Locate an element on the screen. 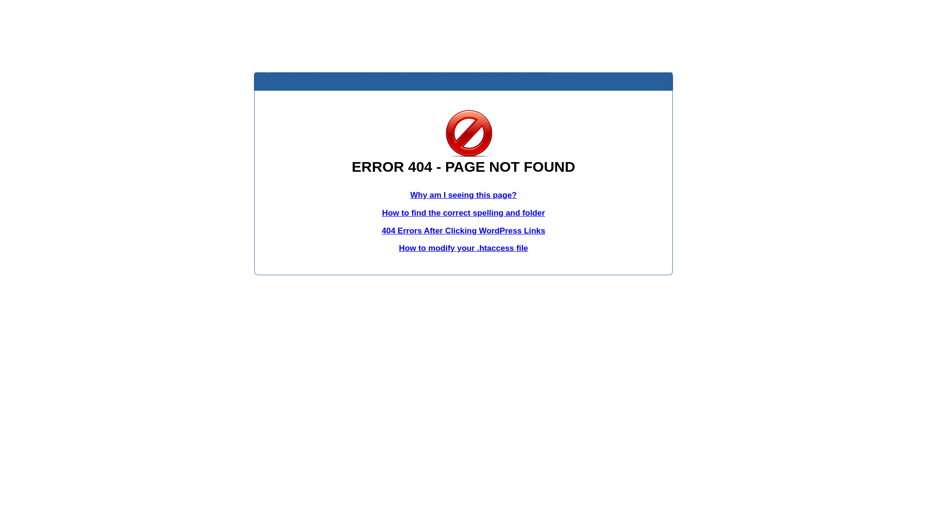  'How to modify your .htaccess file' is located at coordinates (463, 247).